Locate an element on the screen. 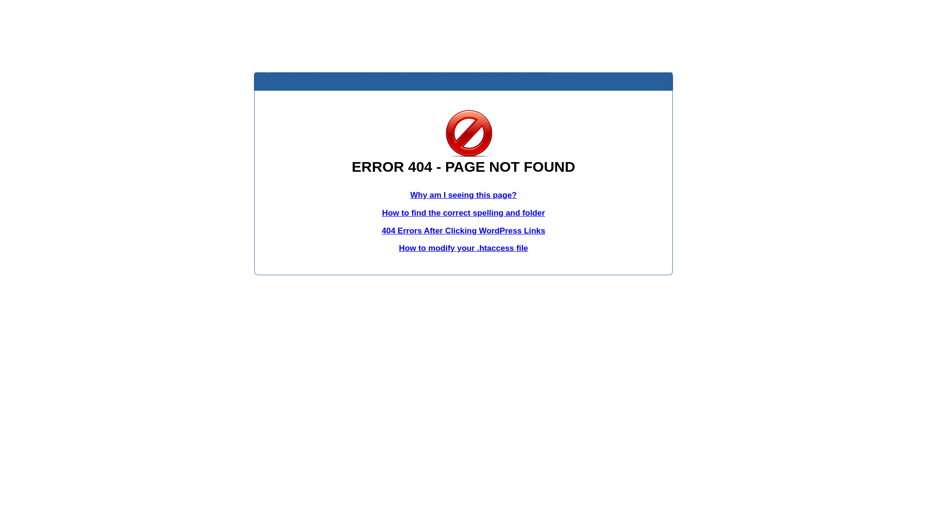  'How to modify your .htaccess file' is located at coordinates (463, 247).